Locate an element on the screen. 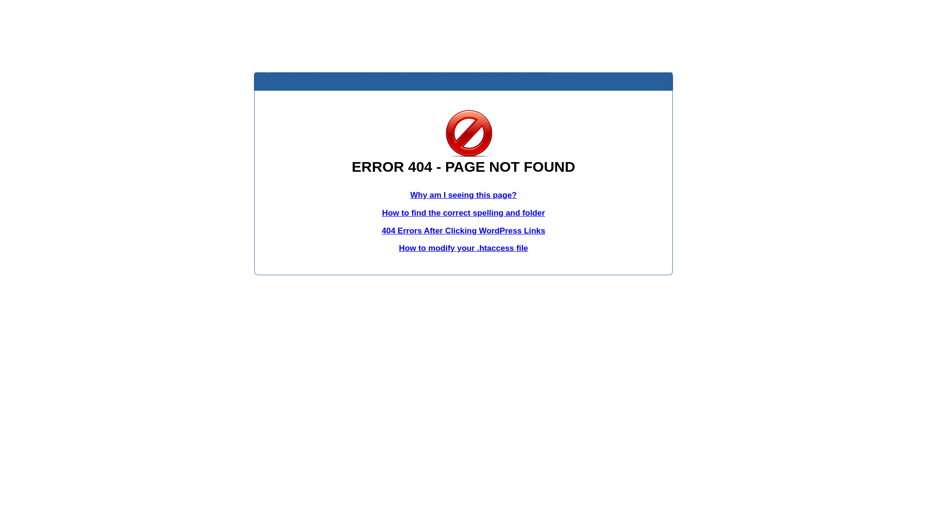  'How to modify your .htaccess file' is located at coordinates (463, 247).